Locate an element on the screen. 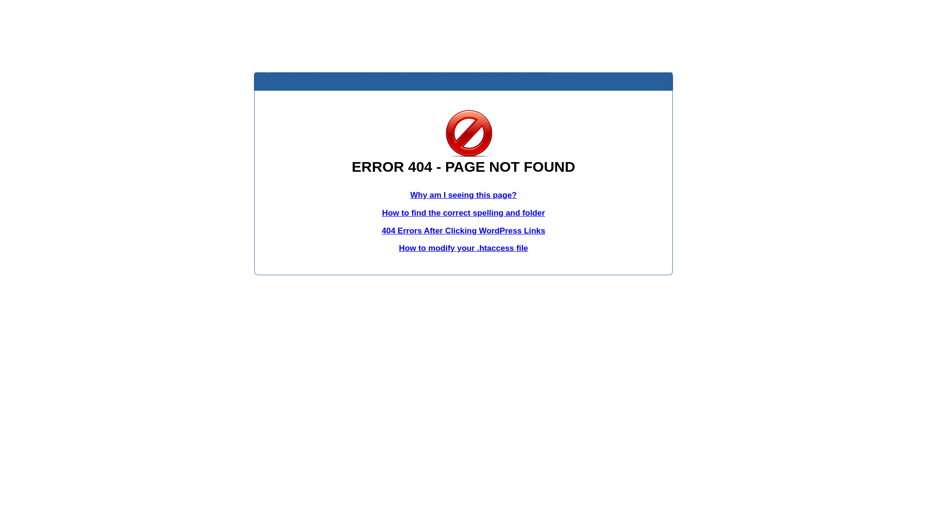  'How to modify your .htaccess file' is located at coordinates (463, 247).